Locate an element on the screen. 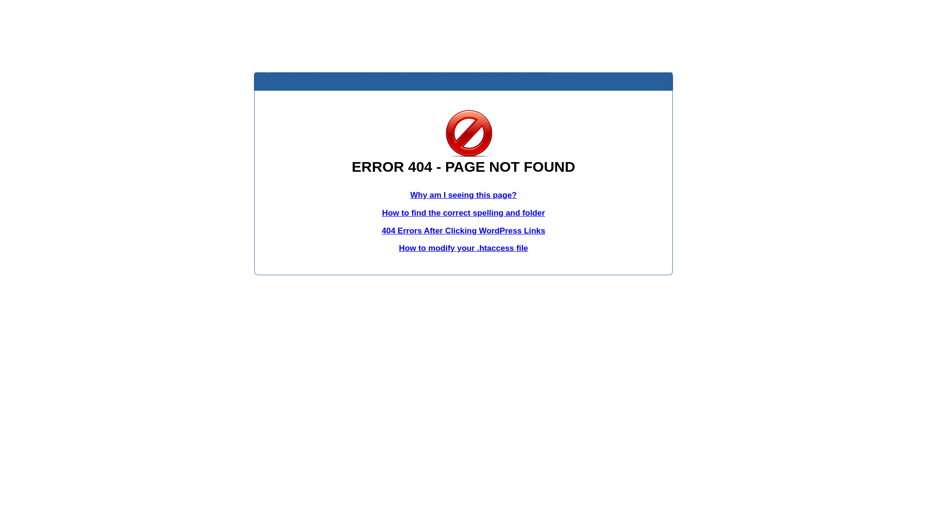  'How to modify your .htaccess file' is located at coordinates (463, 247).